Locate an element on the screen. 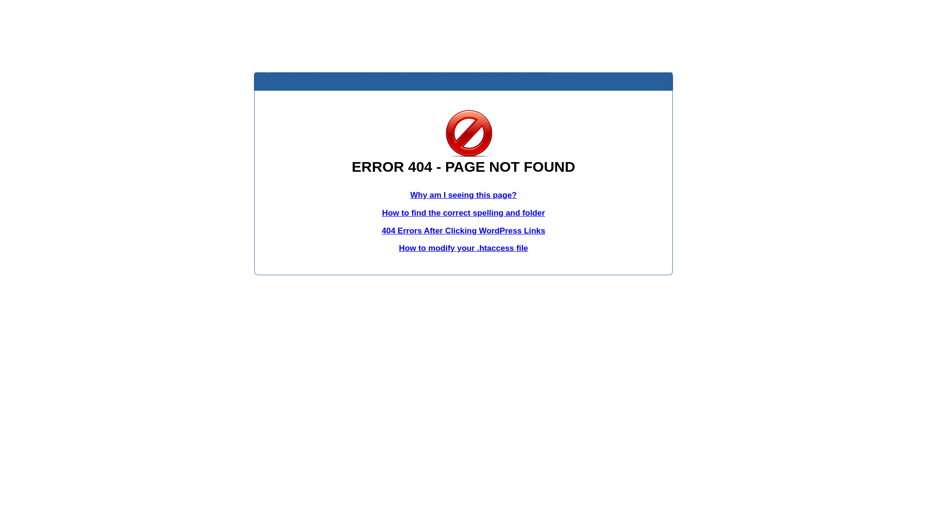  'How to modify your .htaccess file' is located at coordinates (463, 247).